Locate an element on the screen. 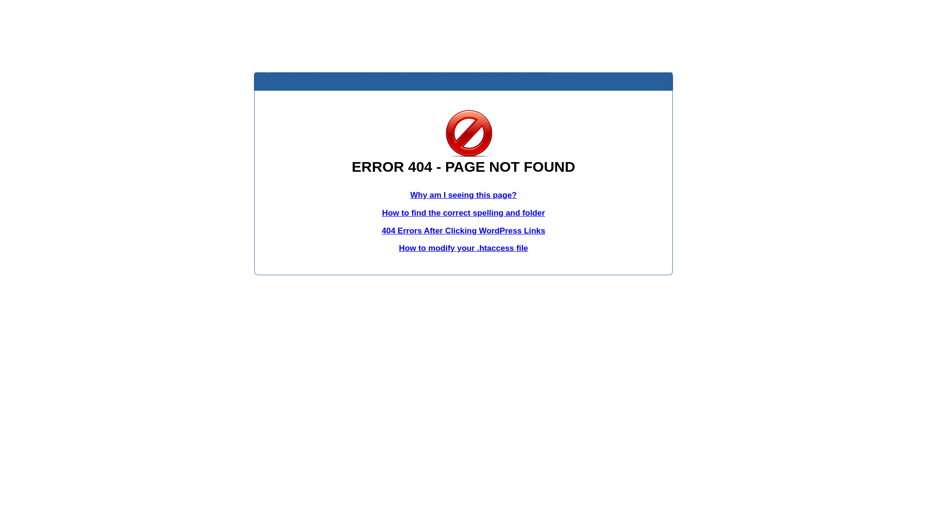  'How to modify your .htaccess file' is located at coordinates (463, 247).